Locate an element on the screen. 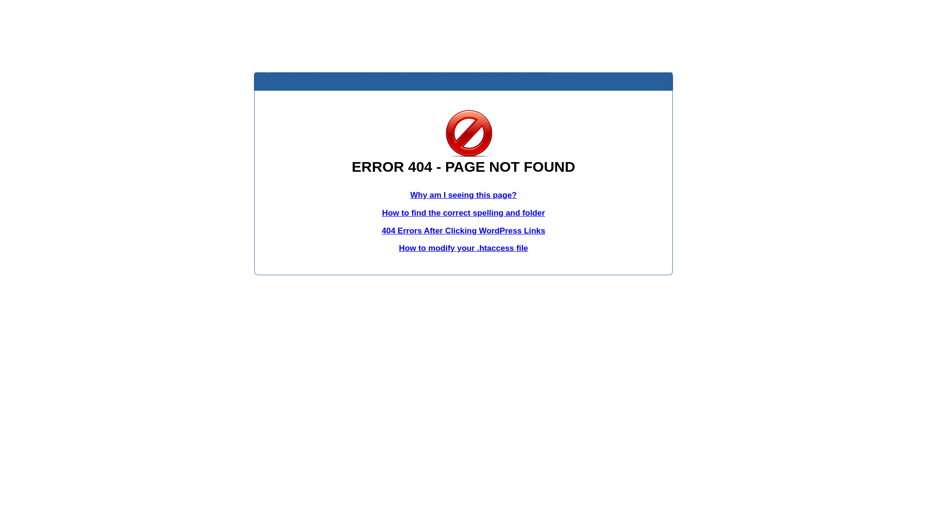  'How to modify your .htaccess file' is located at coordinates (463, 247).